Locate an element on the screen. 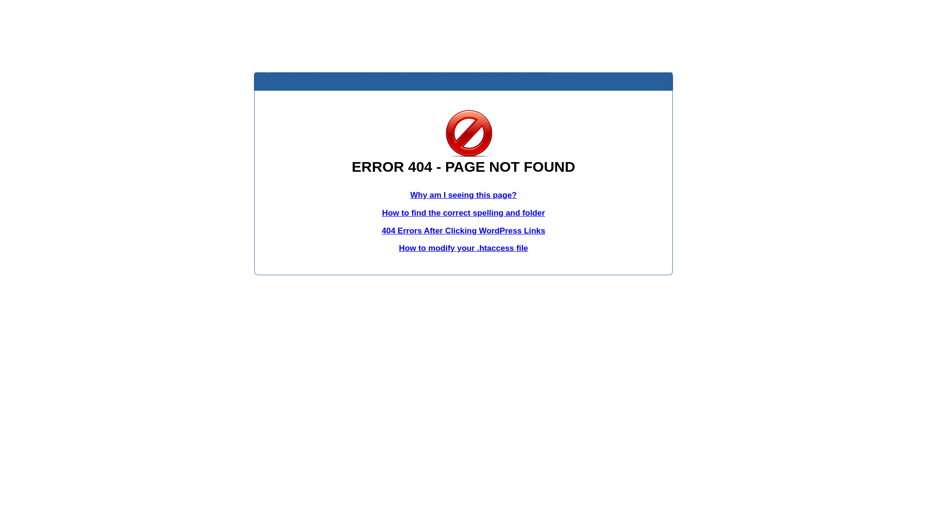  'How to modify your .htaccess file' is located at coordinates (463, 247).